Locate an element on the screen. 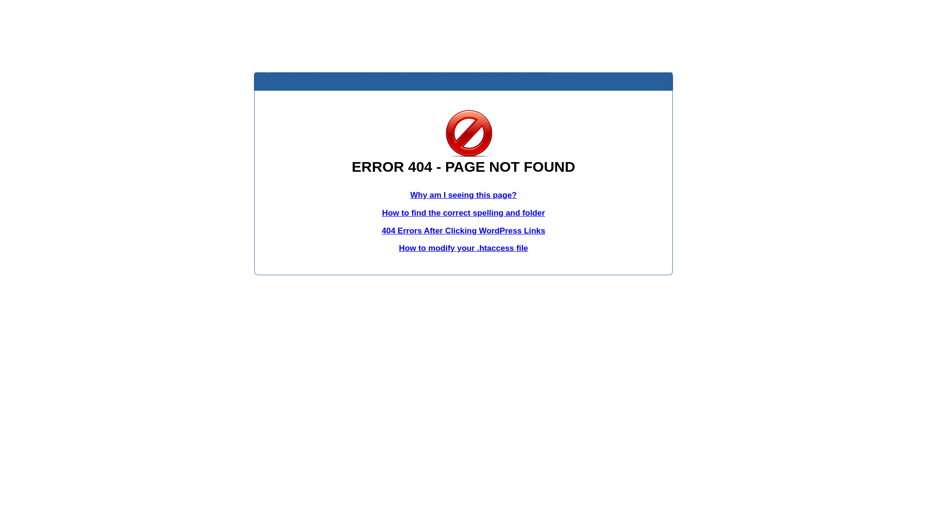  'How to modify your .htaccess file' is located at coordinates (463, 247).